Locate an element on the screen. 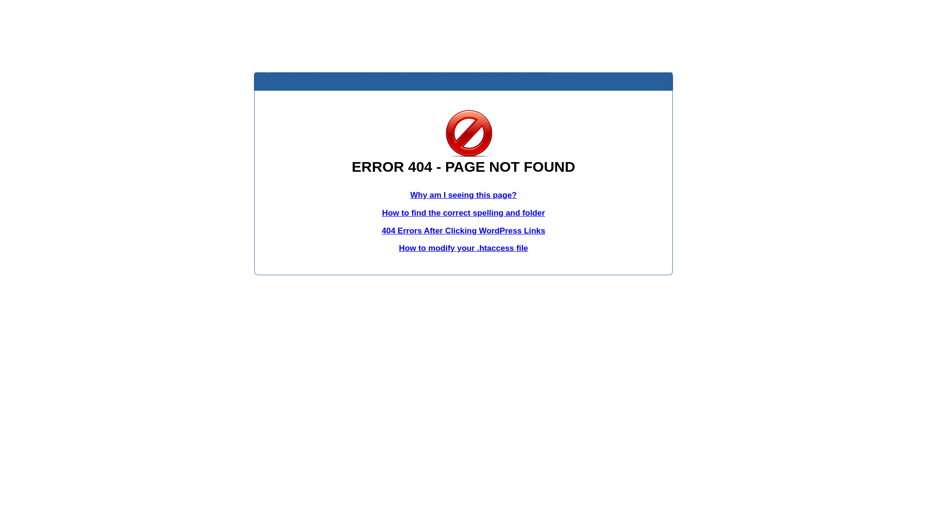  'How to modify your .htaccess file' is located at coordinates (463, 247).